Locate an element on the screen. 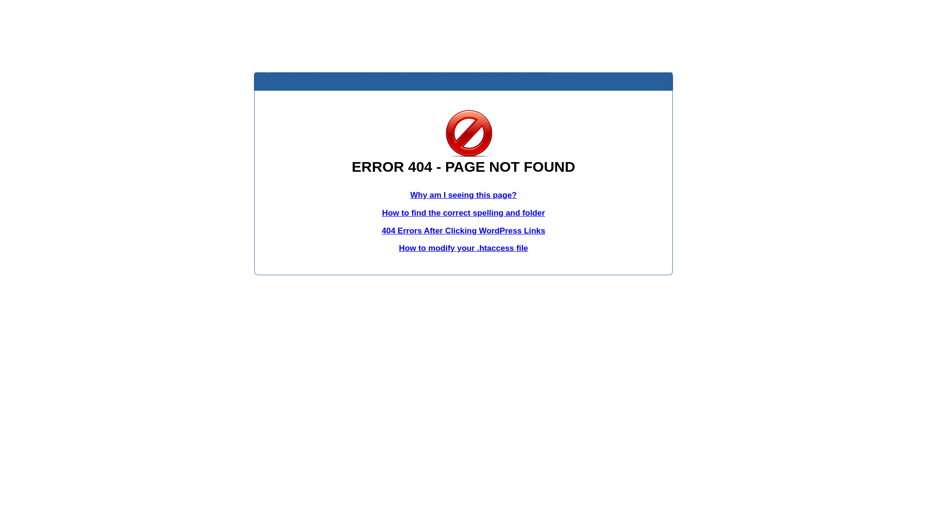  'How to modify your .htaccess file' is located at coordinates (463, 247).